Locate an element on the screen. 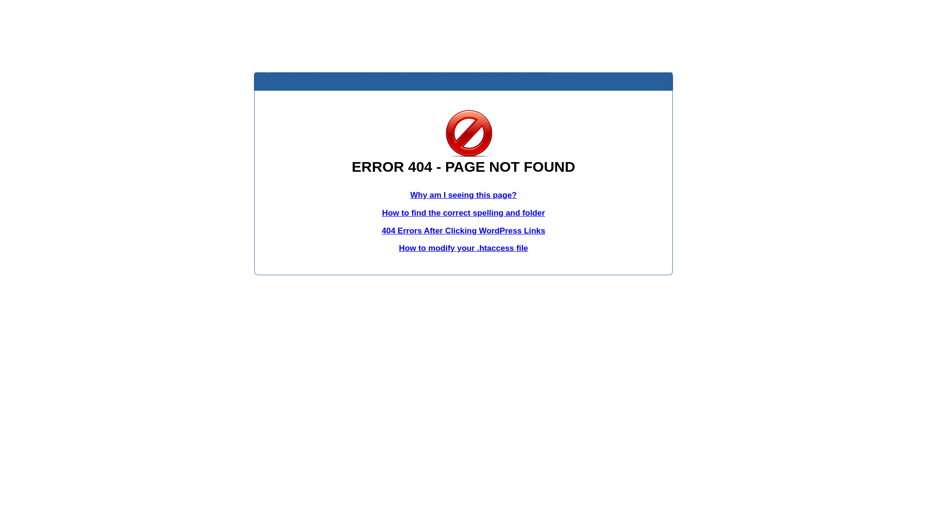  'How to modify your .htaccess file' is located at coordinates (463, 247).